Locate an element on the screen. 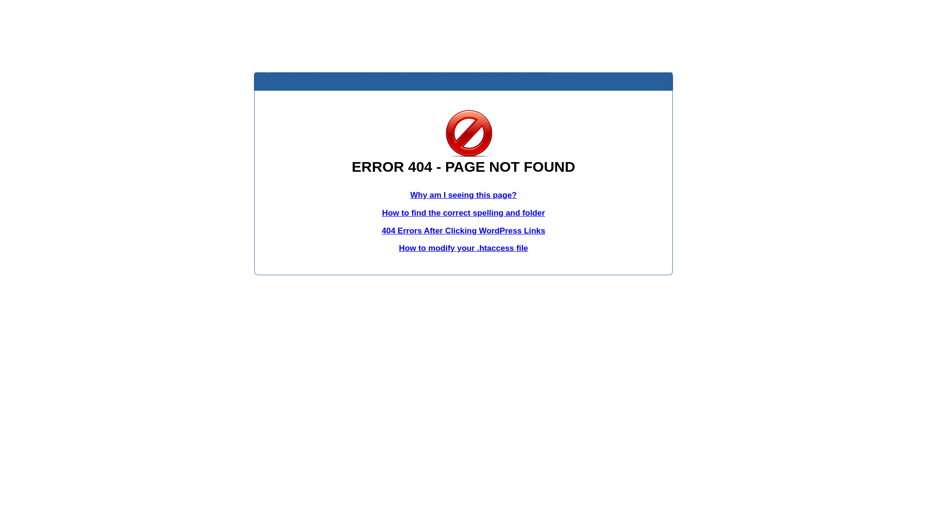  'How to modify your .htaccess file' is located at coordinates (463, 247).